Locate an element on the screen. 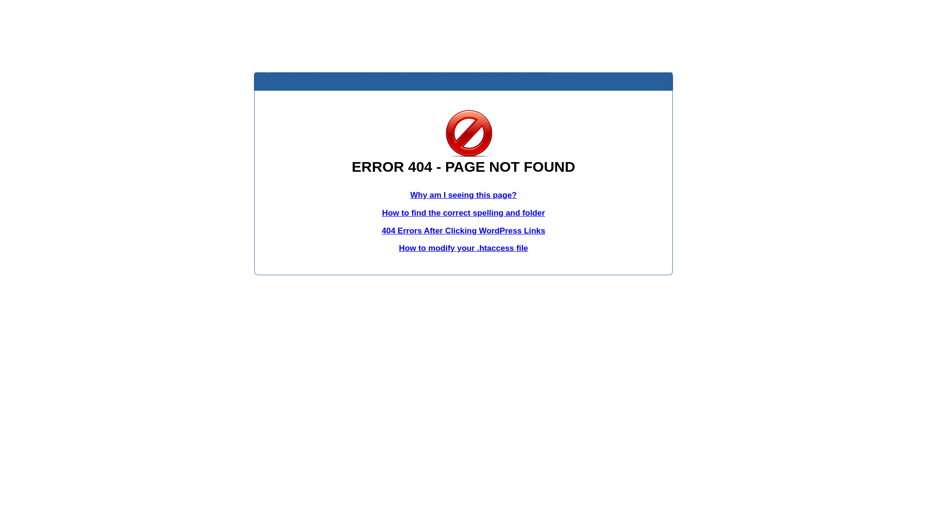  'How to modify your .htaccess file' is located at coordinates (463, 247).